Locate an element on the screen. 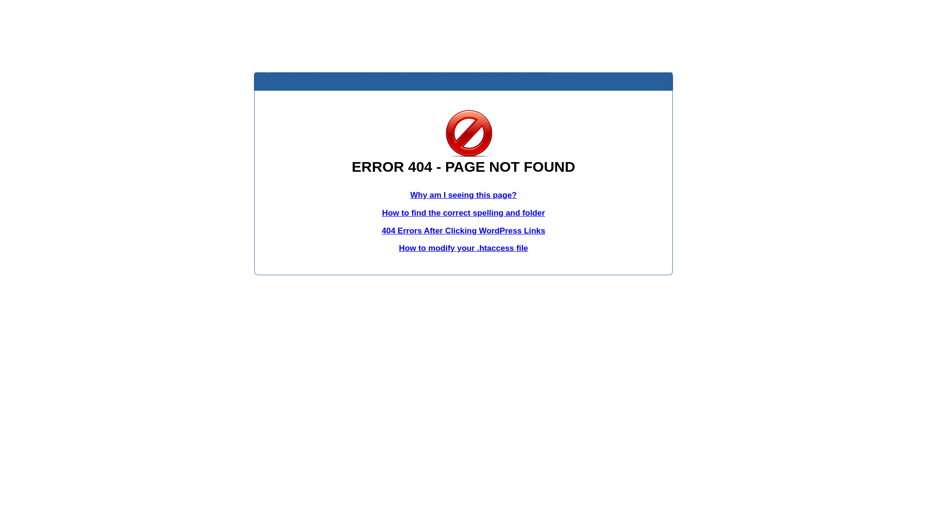  'How to modify your .htaccess file' is located at coordinates (463, 247).